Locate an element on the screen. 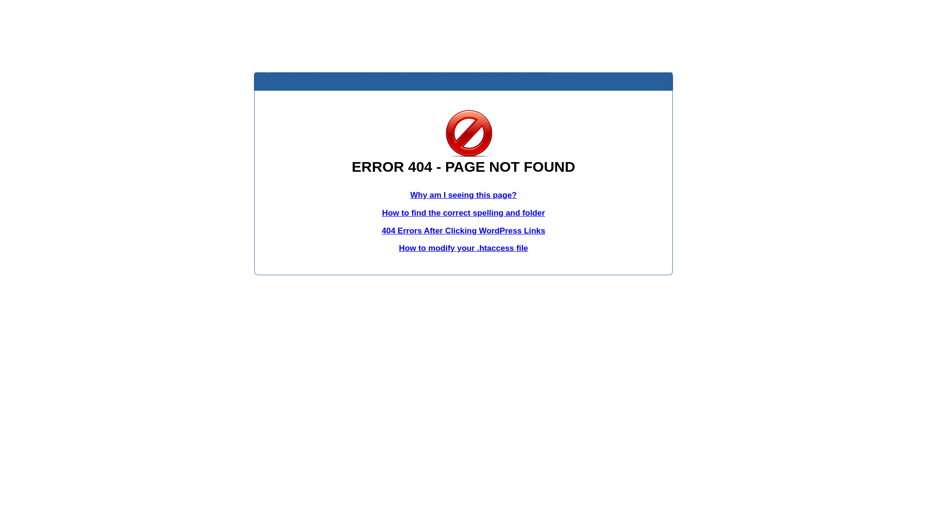  'How to modify your .htaccess file' is located at coordinates (463, 247).